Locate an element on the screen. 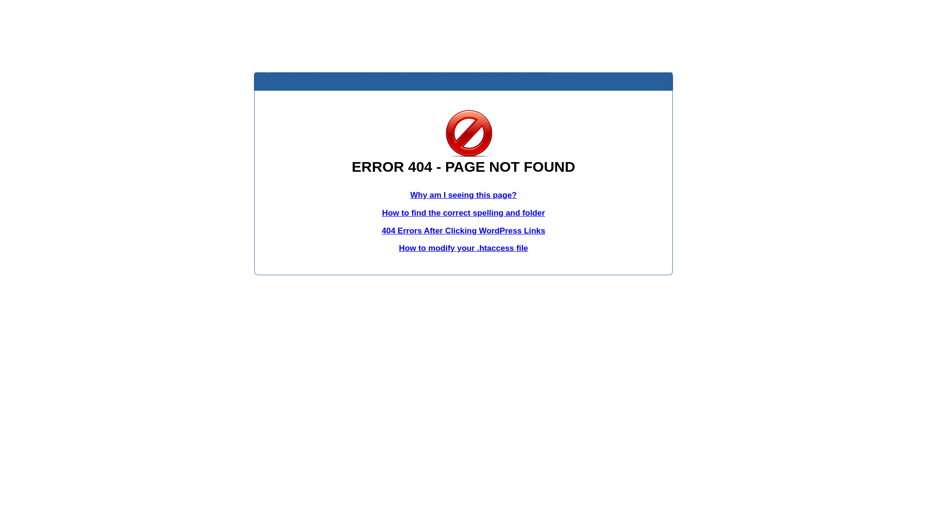  'How to modify your .htaccess file' is located at coordinates (463, 247).